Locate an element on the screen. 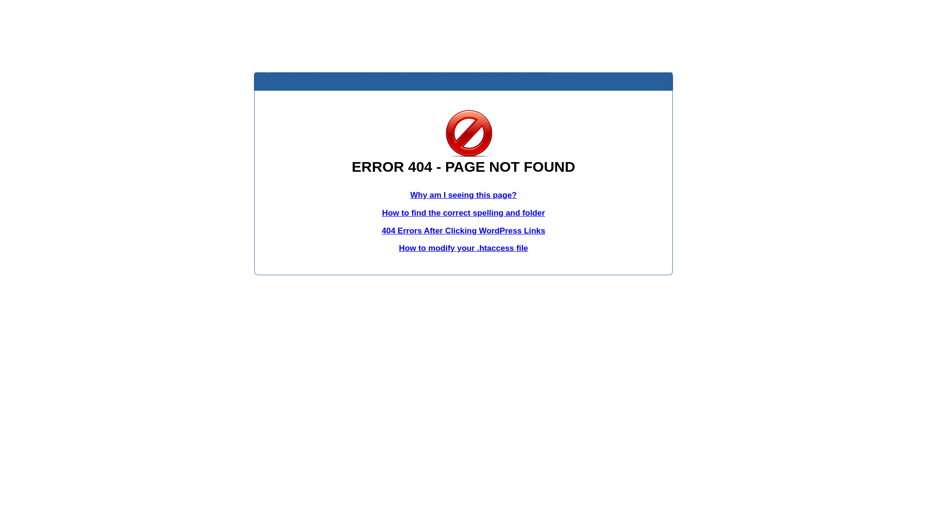  'How to modify your .htaccess file' is located at coordinates (463, 247).